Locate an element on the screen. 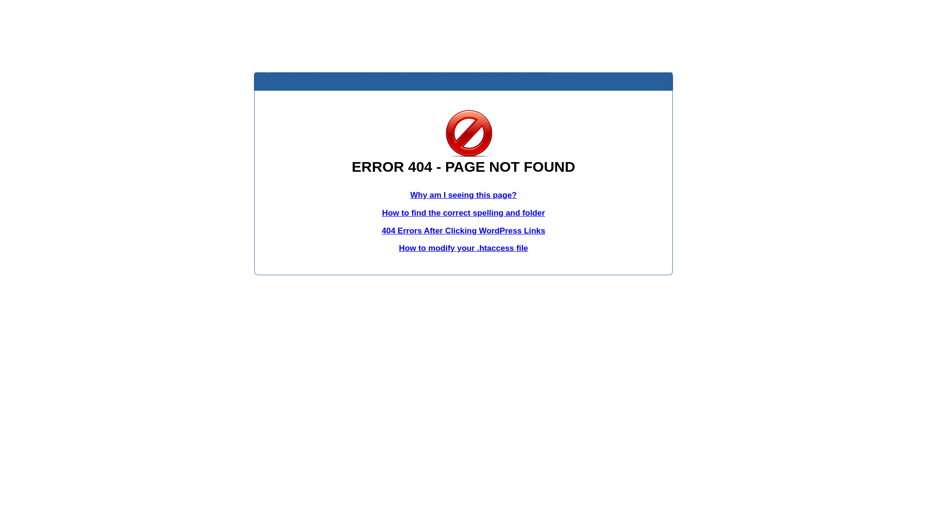  'How to modify your .htaccess file' is located at coordinates (463, 247).